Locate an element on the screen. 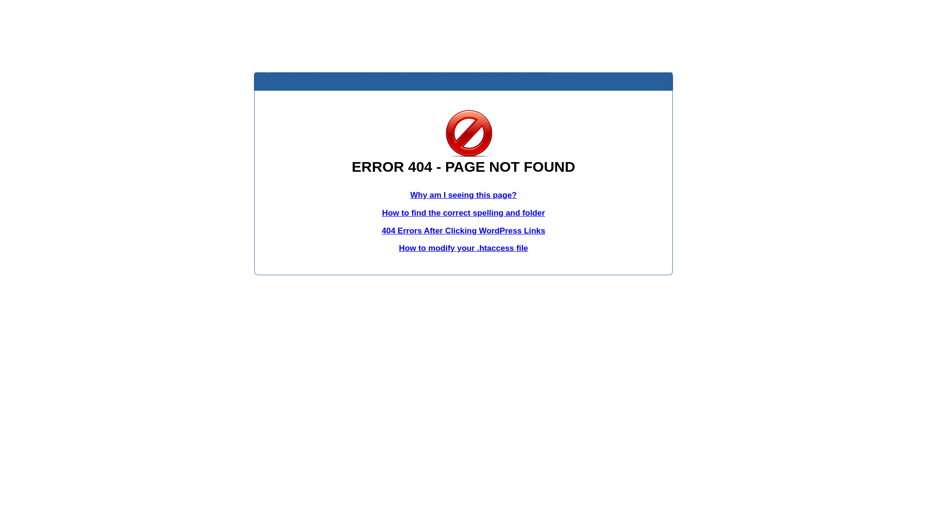  'How to modify your .htaccess file' is located at coordinates (463, 247).